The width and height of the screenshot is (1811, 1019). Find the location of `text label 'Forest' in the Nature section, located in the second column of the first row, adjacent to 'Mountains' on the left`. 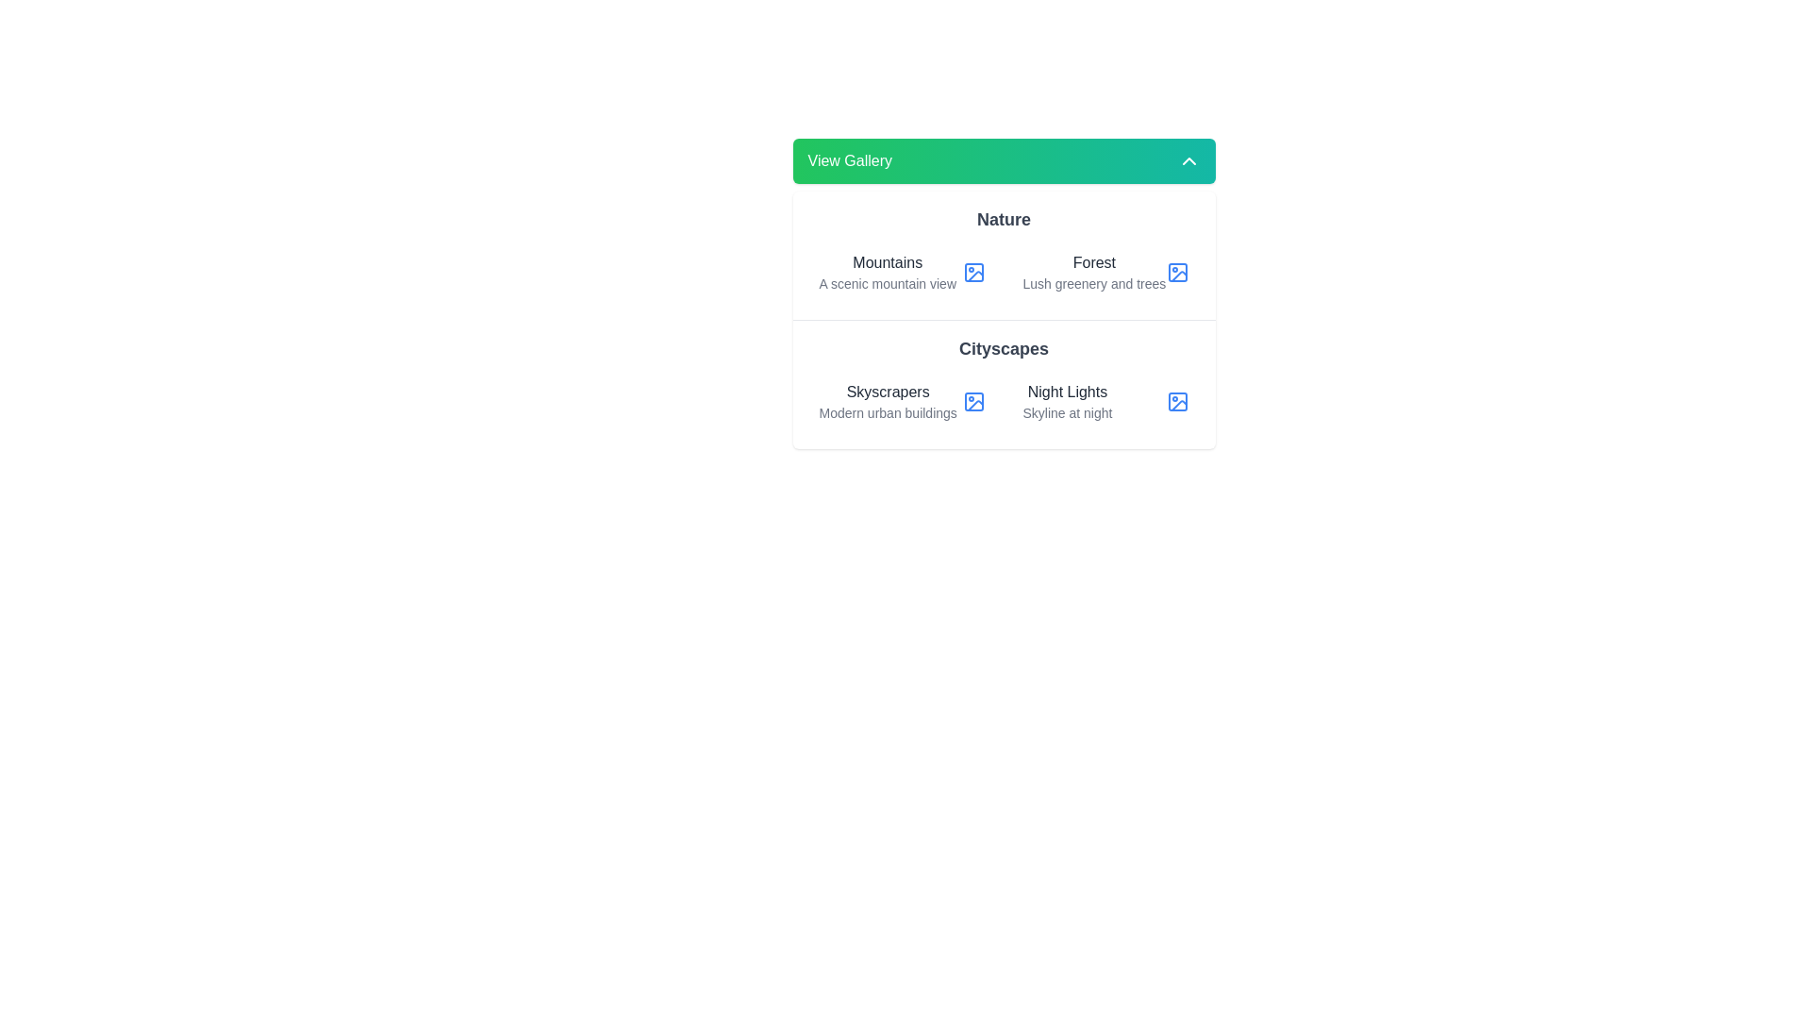

text label 'Forest' in the Nature section, located in the second column of the first row, adjacent to 'Mountains' on the left is located at coordinates (1094, 273).